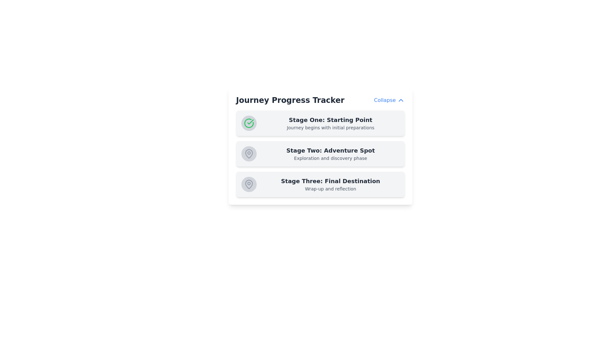  I want to click on the Information card in the Journey Progress Tracker section, which indicates the first stage of progression with a green checkmark, so click(320, 123).